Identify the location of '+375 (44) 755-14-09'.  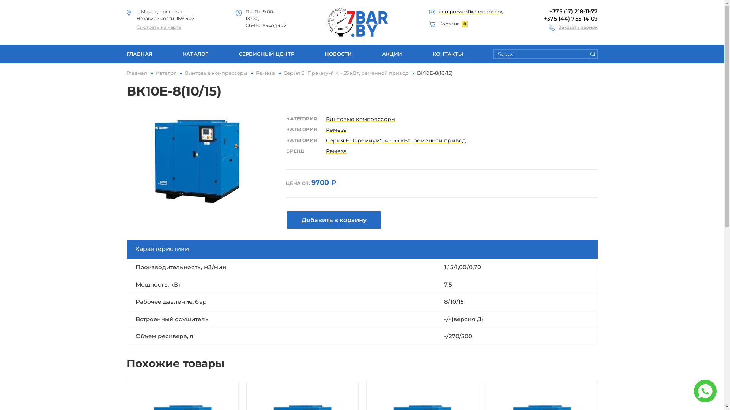
(571, 18).